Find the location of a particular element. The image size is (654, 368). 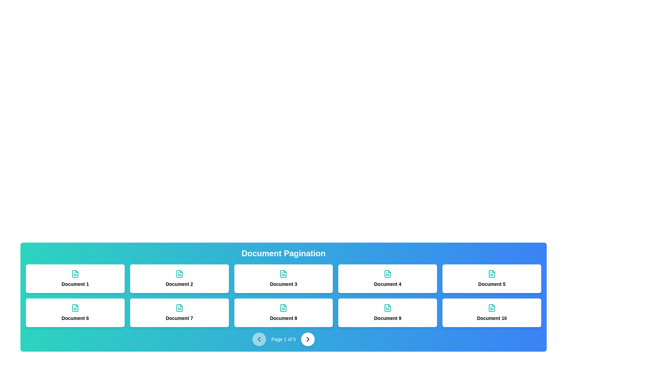

the document file icon, which is teal in color with outlined styling and has four horizontal lines inside, located above the label 'Document 9' is located at coordinates (388, 308).